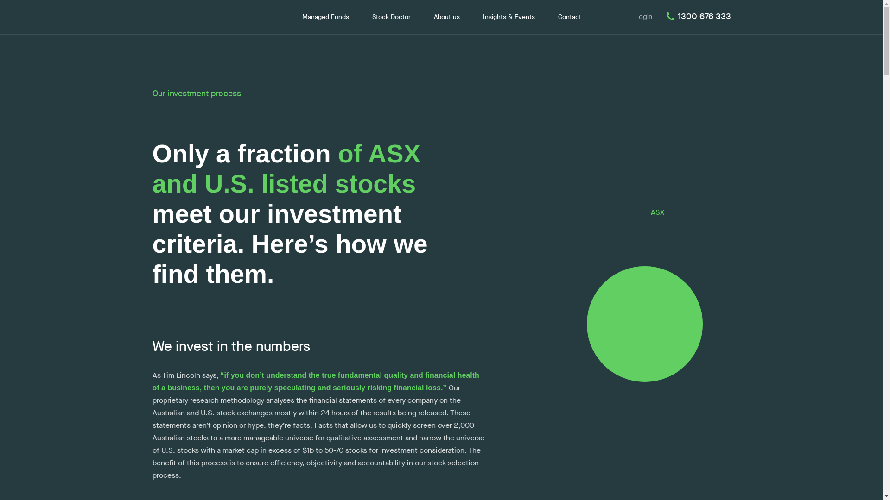 This screenshot has height=500, width=890. I want to click on 'Login', so click(643, 17).